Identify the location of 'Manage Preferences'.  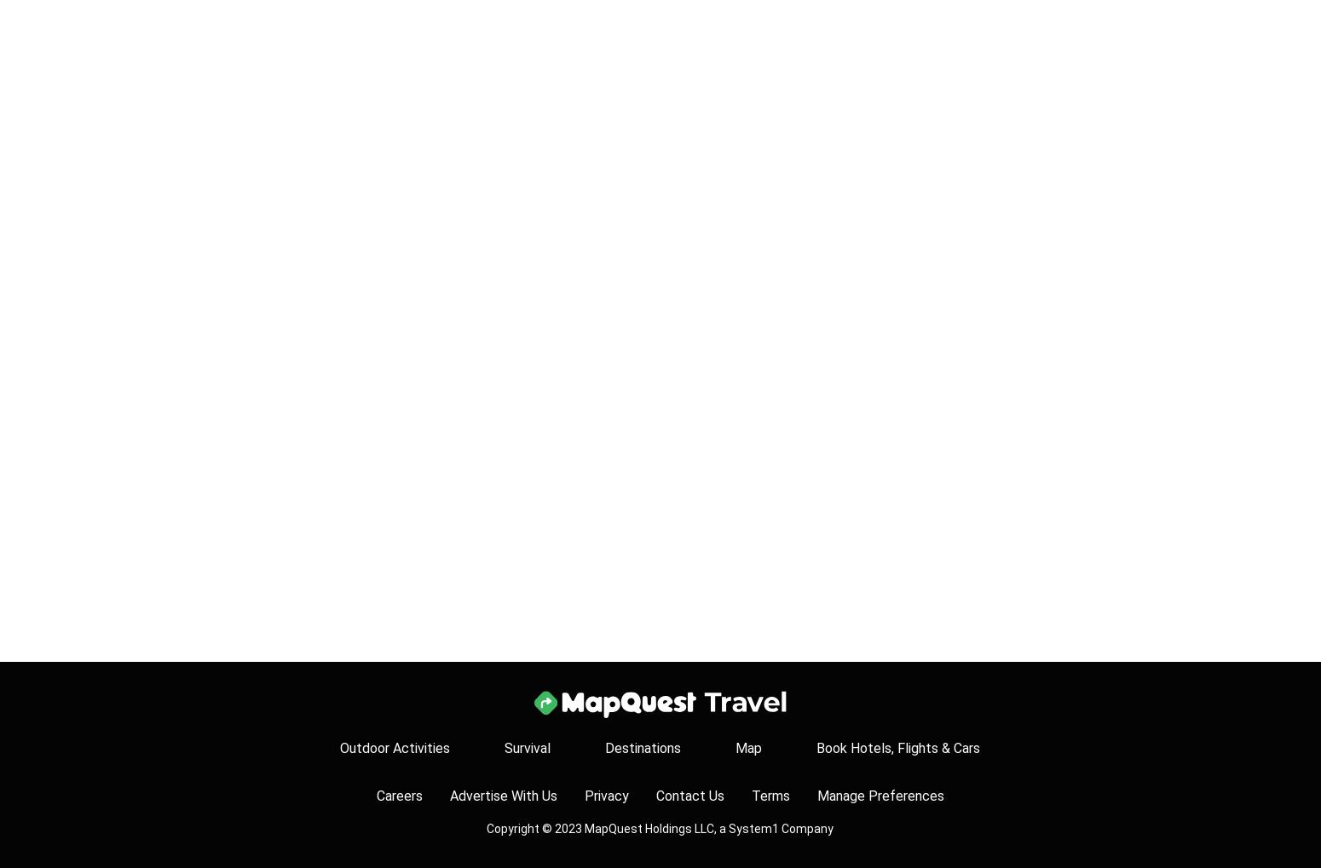
(880, 795).